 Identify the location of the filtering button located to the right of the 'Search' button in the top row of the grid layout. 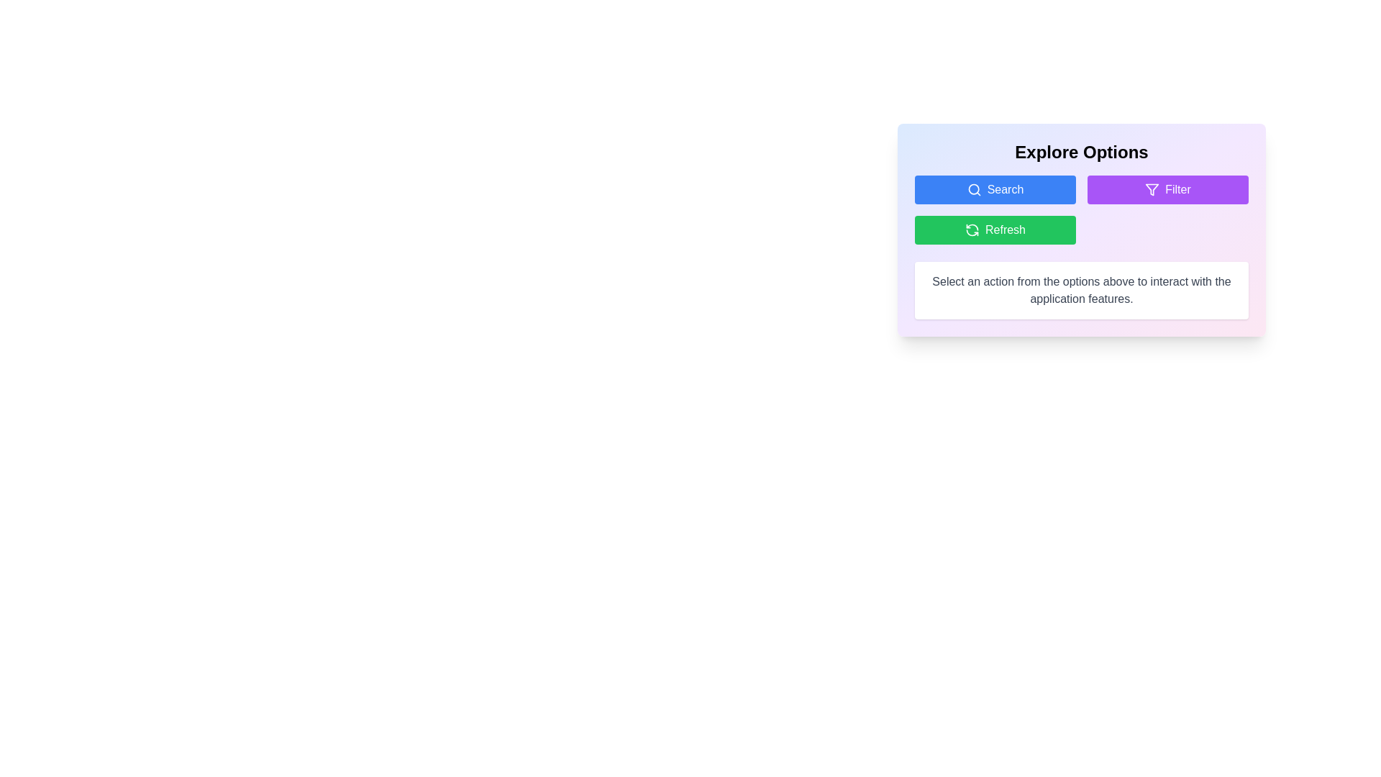
(1167, 188).